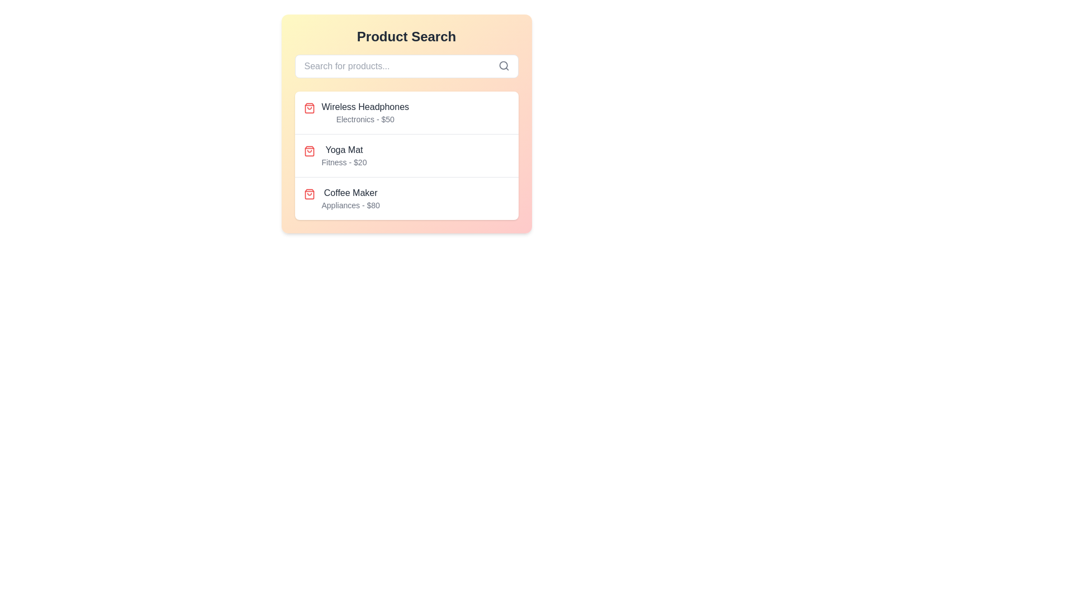 The width and height of the screenshot is (1073, 603). I want to click on the text label displaying 'Electronics - $50', which is styled in gray and located below 'Wireless Headphones', so click(365, 119).